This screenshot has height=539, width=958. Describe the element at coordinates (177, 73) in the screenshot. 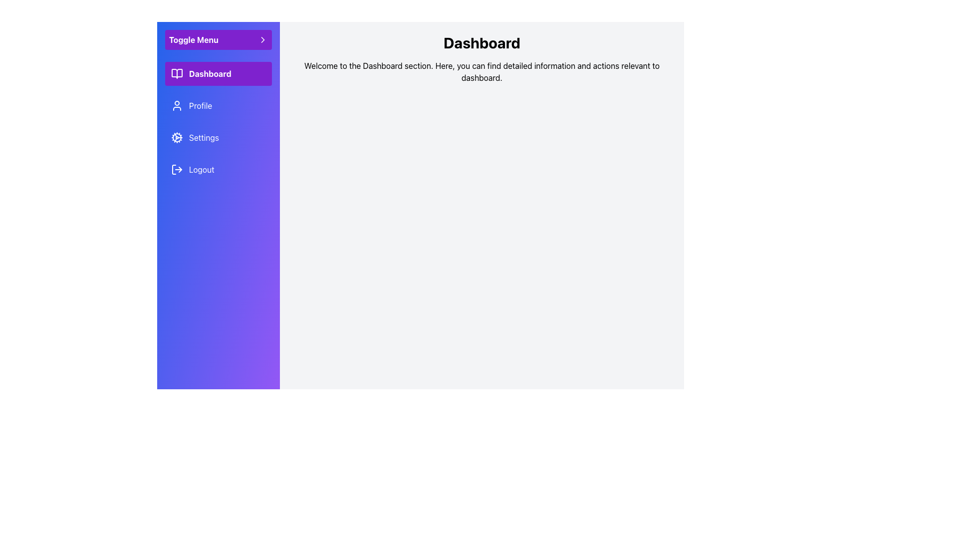

I see `the SVG graphical element representing the 'Dashboard' section, located in the purple 'Dashboard' button at the top of the vertical navigation menu` at that location.